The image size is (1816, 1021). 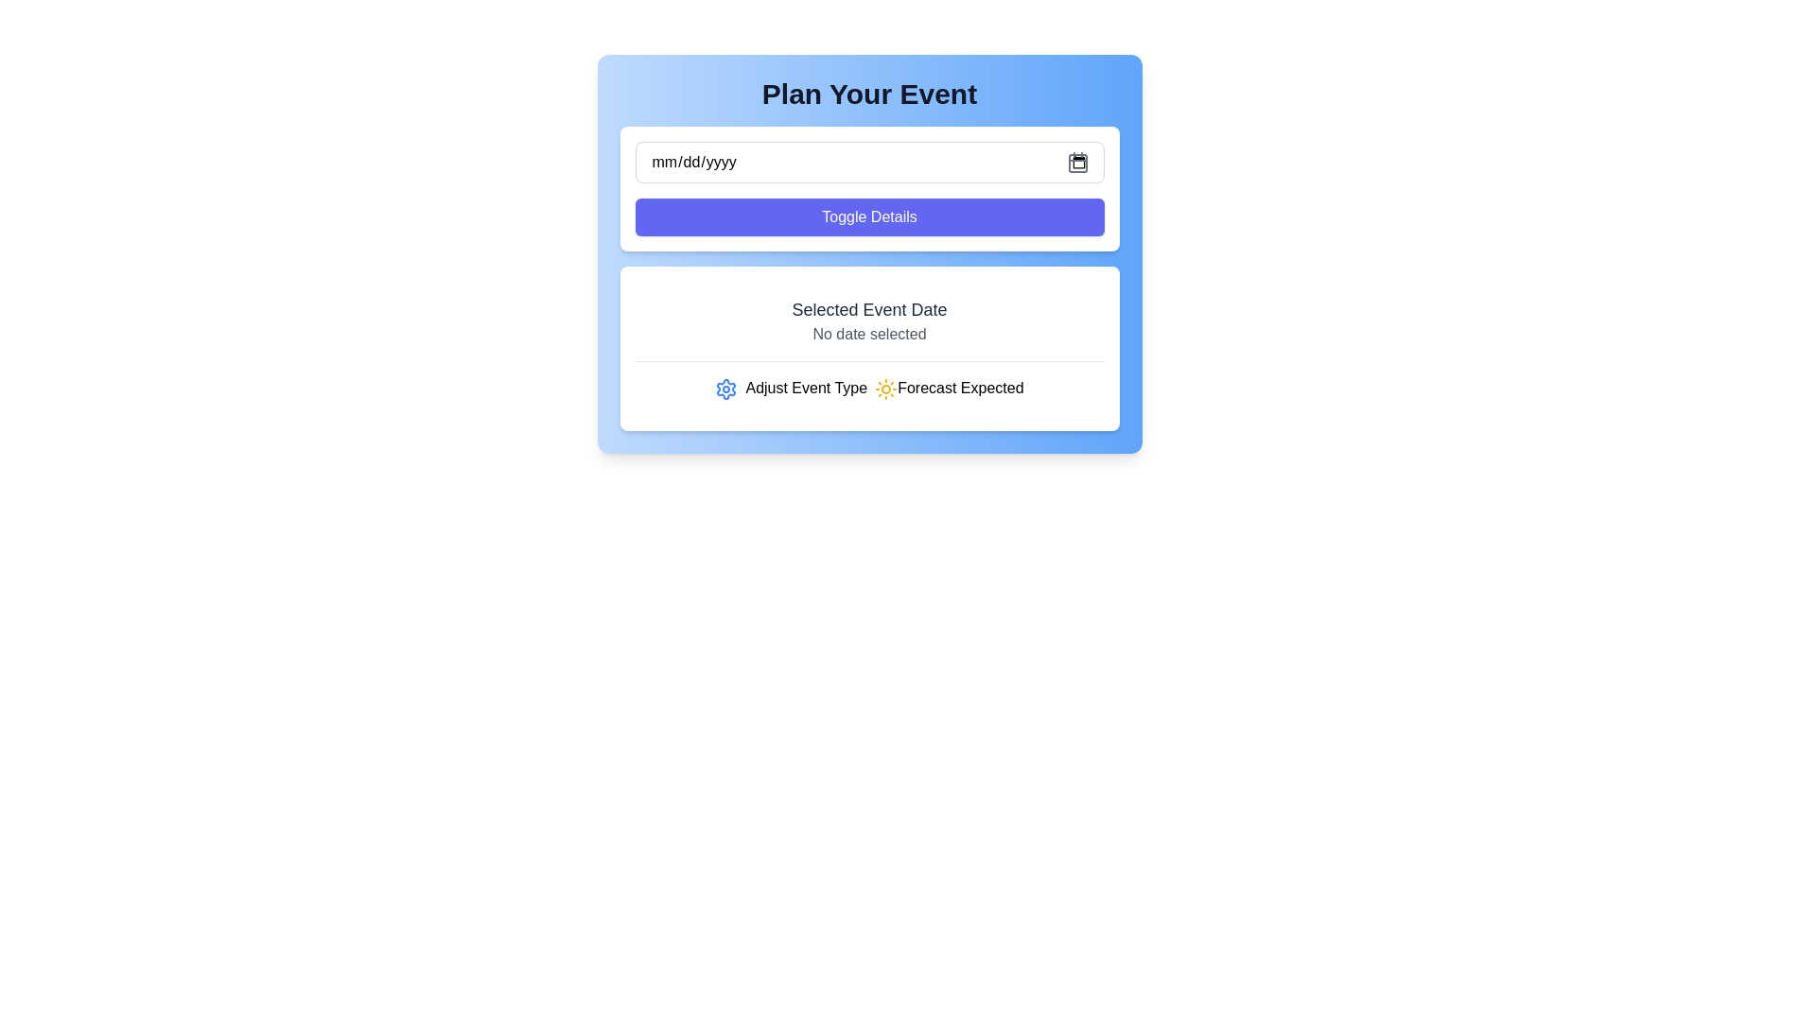 I want to click on the Text label that displays the currently selected event date, located within a card-like section, below the 'Toggle Details' button, so click(x=868, y=320).